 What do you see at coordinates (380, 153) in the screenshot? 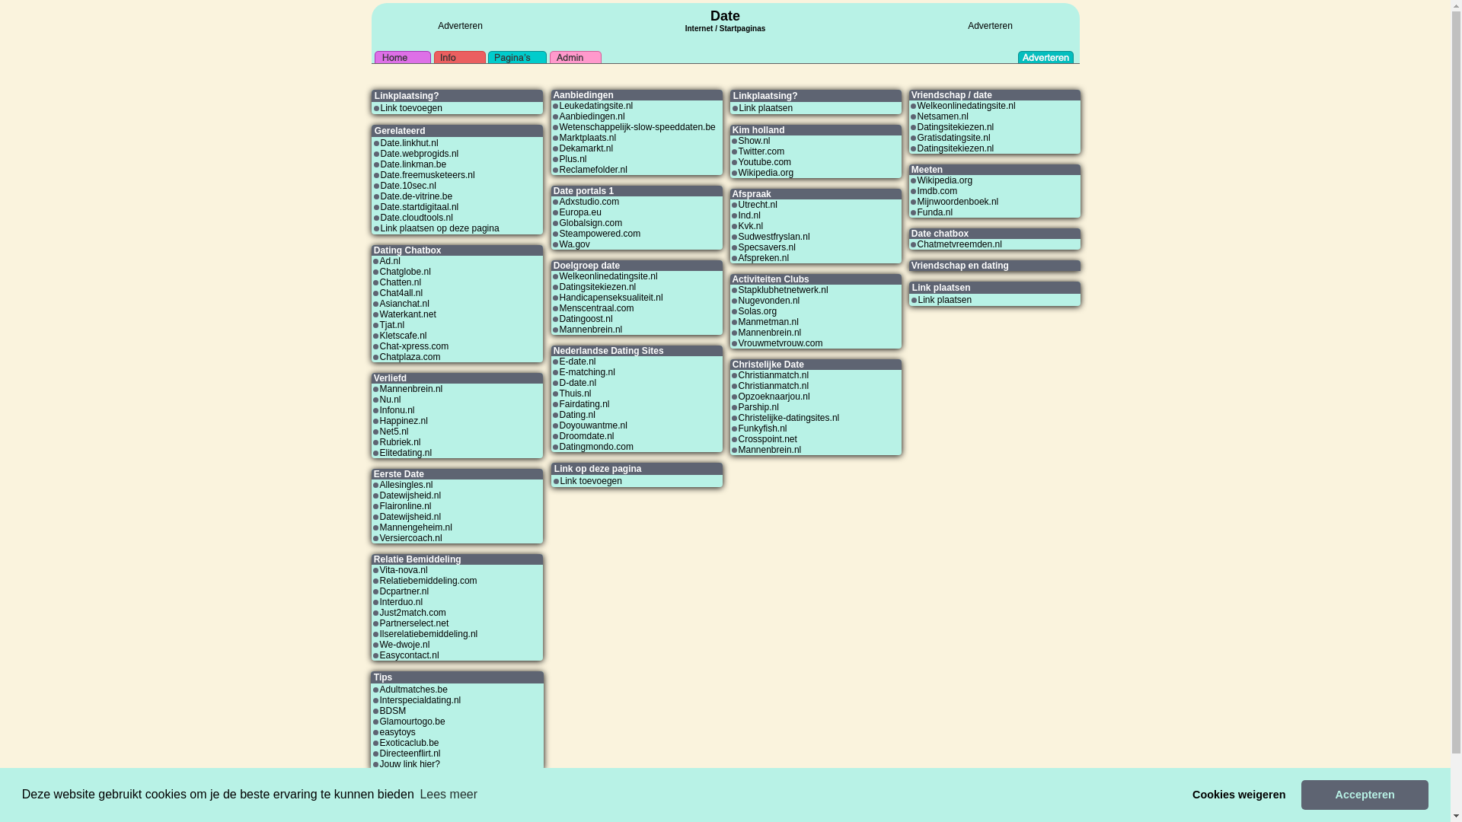
I see `'Date.webprogids.nl'` at bounding box center [380, 153].